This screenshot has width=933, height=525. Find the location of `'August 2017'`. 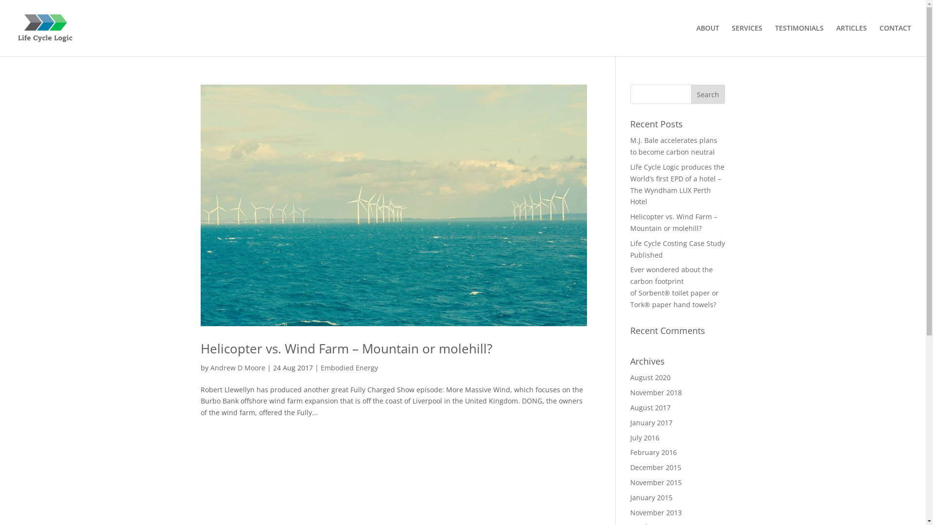

'August 2017' is located at coordinates (650, 407).